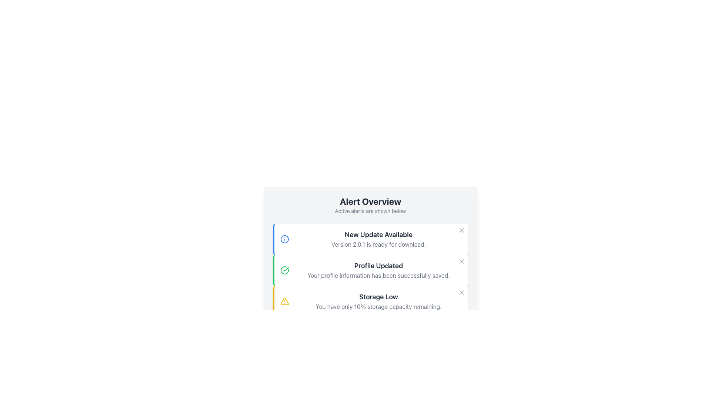 Image resolution: width=711 pixels, height=400 pixels. What do you see at coordinates (370, 301) in the screenshot?
I see `the third notification in the vertically stacked list of alerts, which serves as a warning about low storage and is positioned below the 'Profile Updated' notification` at bounding box center [370, 301].